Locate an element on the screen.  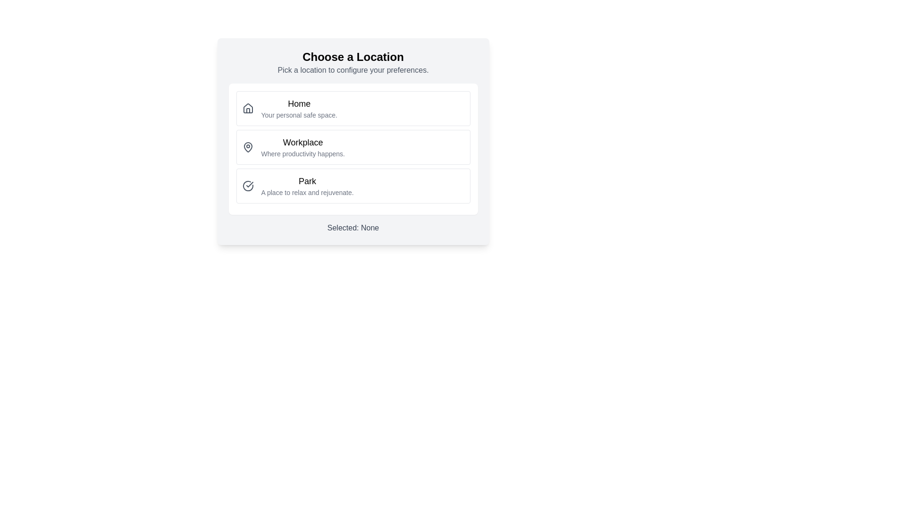
the 'Park' option in the selection menu, which is the third item in the vertical list contained within a white card with rounded corners and a shadow effect is located at coordinates (352, 186).